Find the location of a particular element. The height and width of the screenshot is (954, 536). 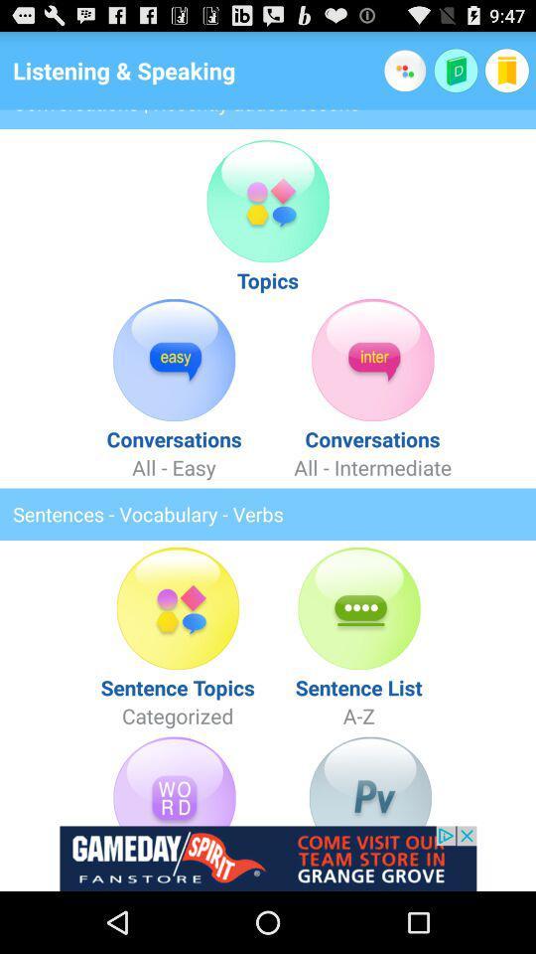

the sliders icon is located at coordinates (174, 834).